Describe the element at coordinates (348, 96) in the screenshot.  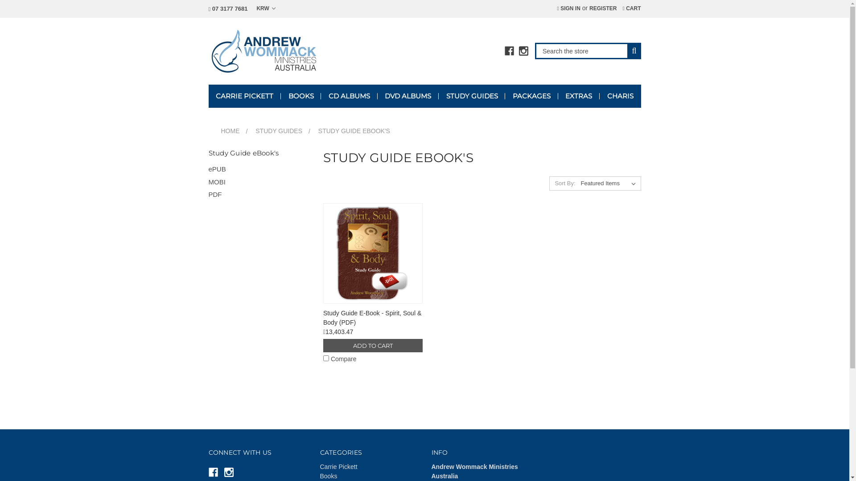
I see `'CD ALBUMS'` at that location.